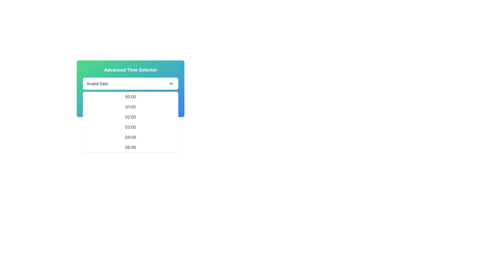 Image resolution: width=485 pixels, height=273 pixels. I want to click on the button labeled '12:00', so click(131, 106).